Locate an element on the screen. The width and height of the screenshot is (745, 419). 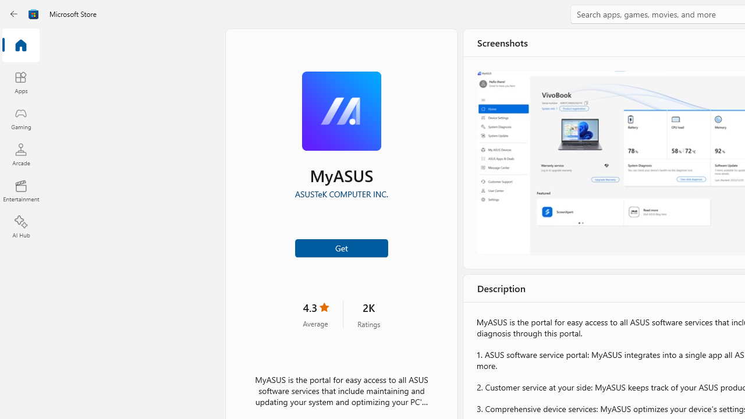
'Back' is located at coordinates (14, 14).